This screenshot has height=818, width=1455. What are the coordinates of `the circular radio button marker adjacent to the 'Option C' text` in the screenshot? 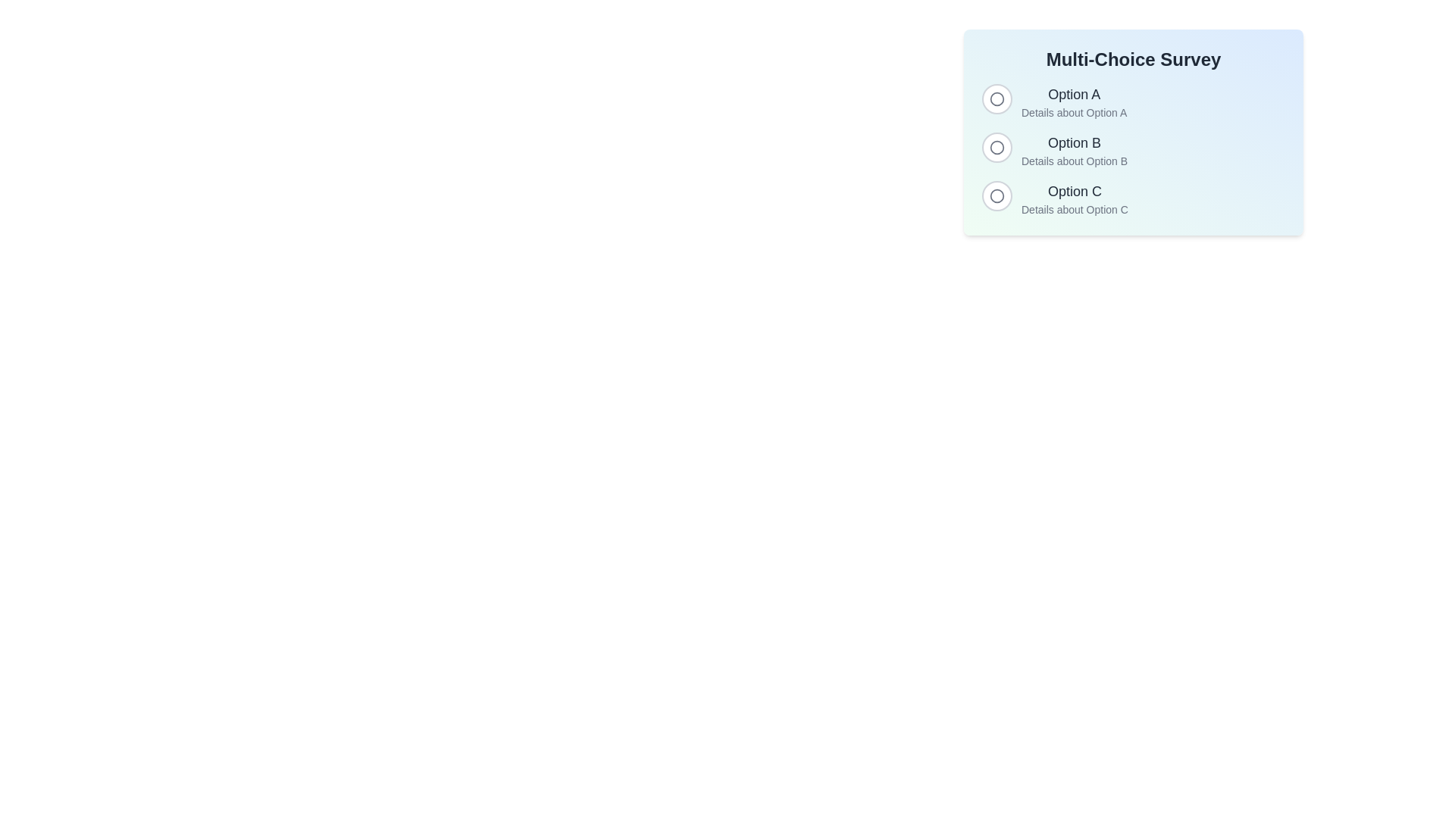 It's located at (997, 195).